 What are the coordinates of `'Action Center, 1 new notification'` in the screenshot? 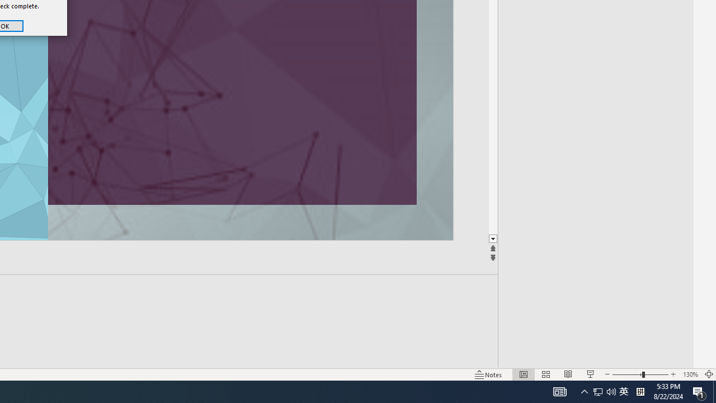 It's located at (699, 391).